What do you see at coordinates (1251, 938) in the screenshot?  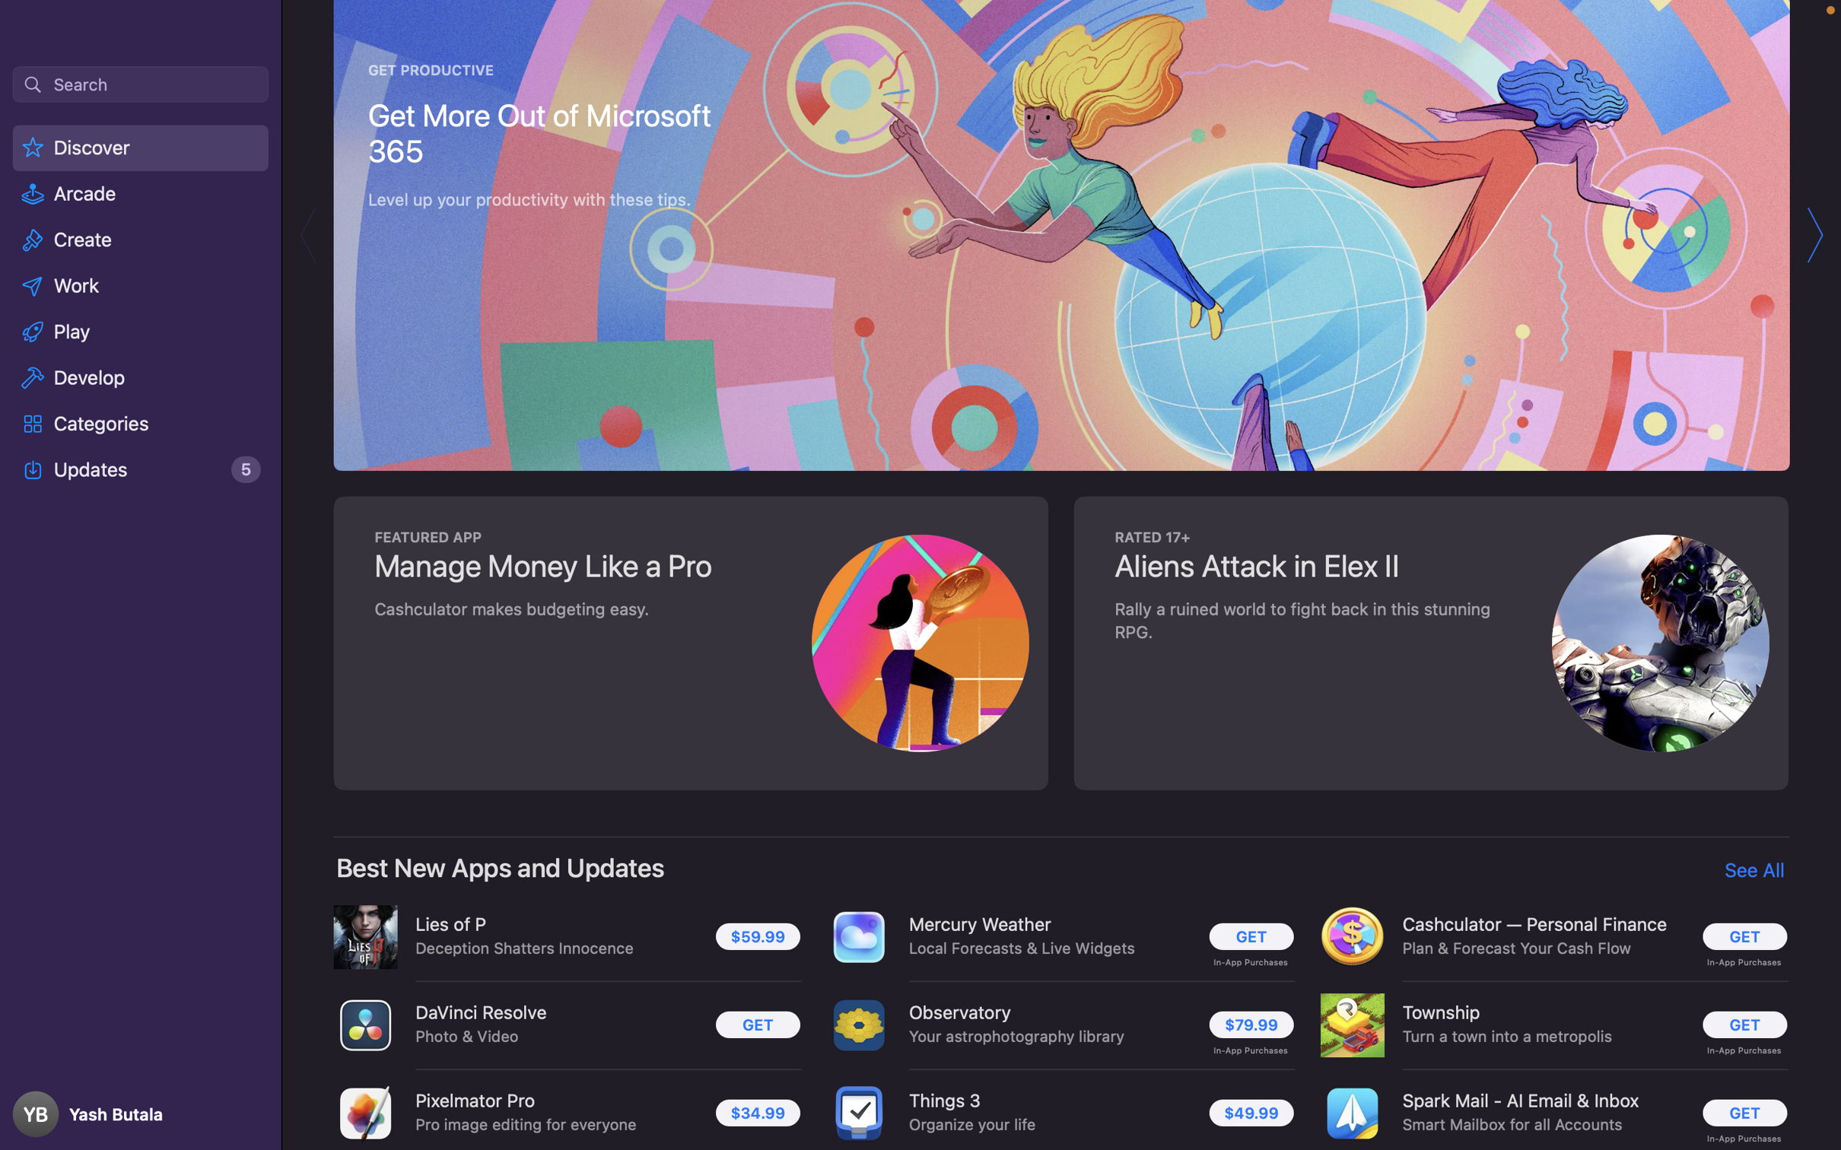 I see `Install the Mercury Weather application` at bounding box center [1251, 938].